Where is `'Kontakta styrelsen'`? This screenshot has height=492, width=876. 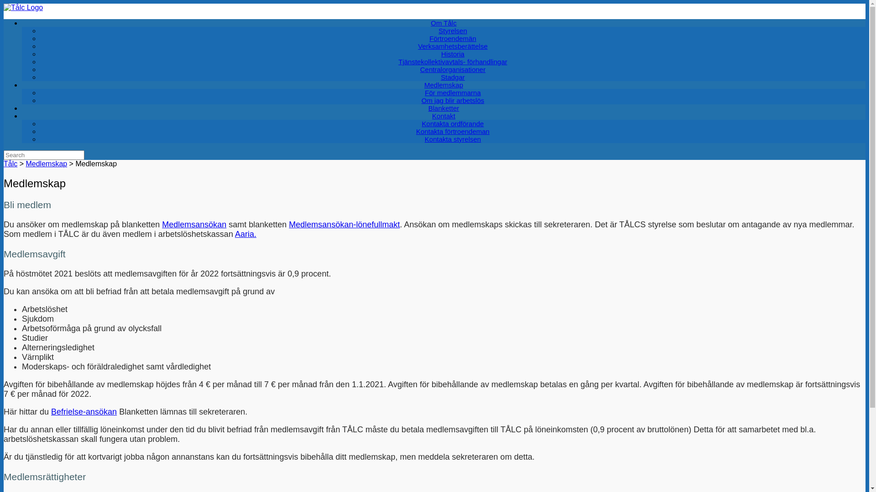
'Kontakta styrelsen' is located at coordinates (453, 139).